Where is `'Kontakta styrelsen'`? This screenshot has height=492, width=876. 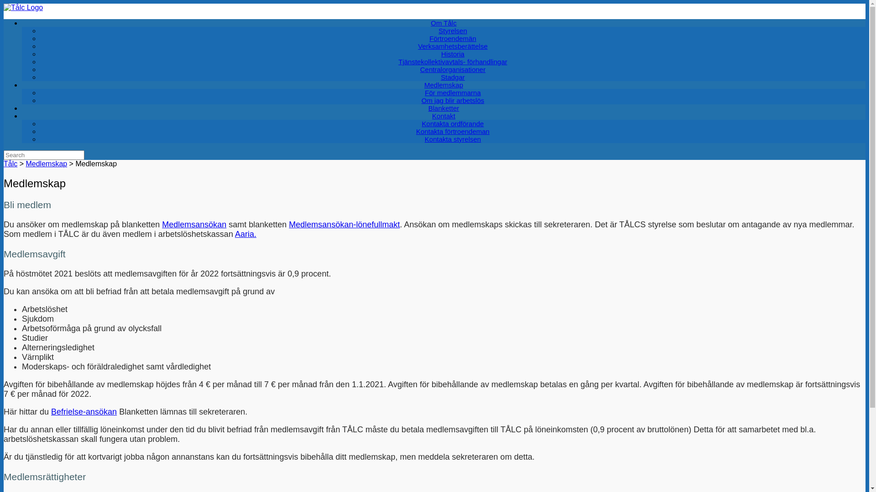
'Kontakta styrelsen' is located at coordinates (453, 139).